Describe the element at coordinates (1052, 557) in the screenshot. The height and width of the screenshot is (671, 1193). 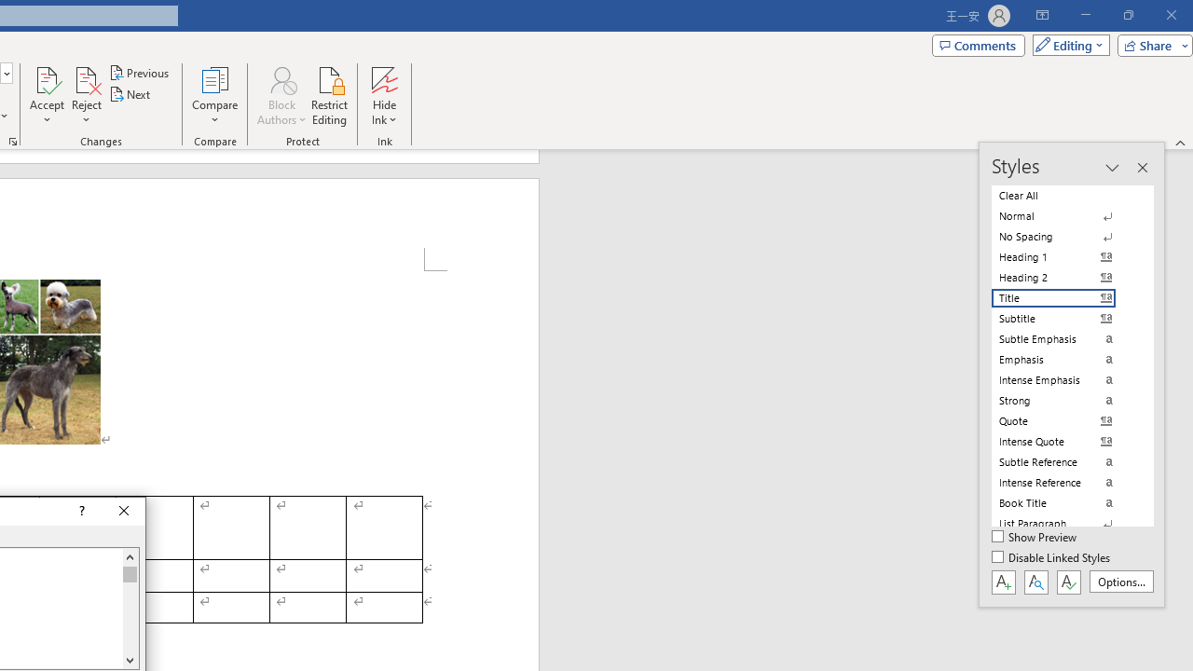
I see `'Disable Linked Styles'` at that location.